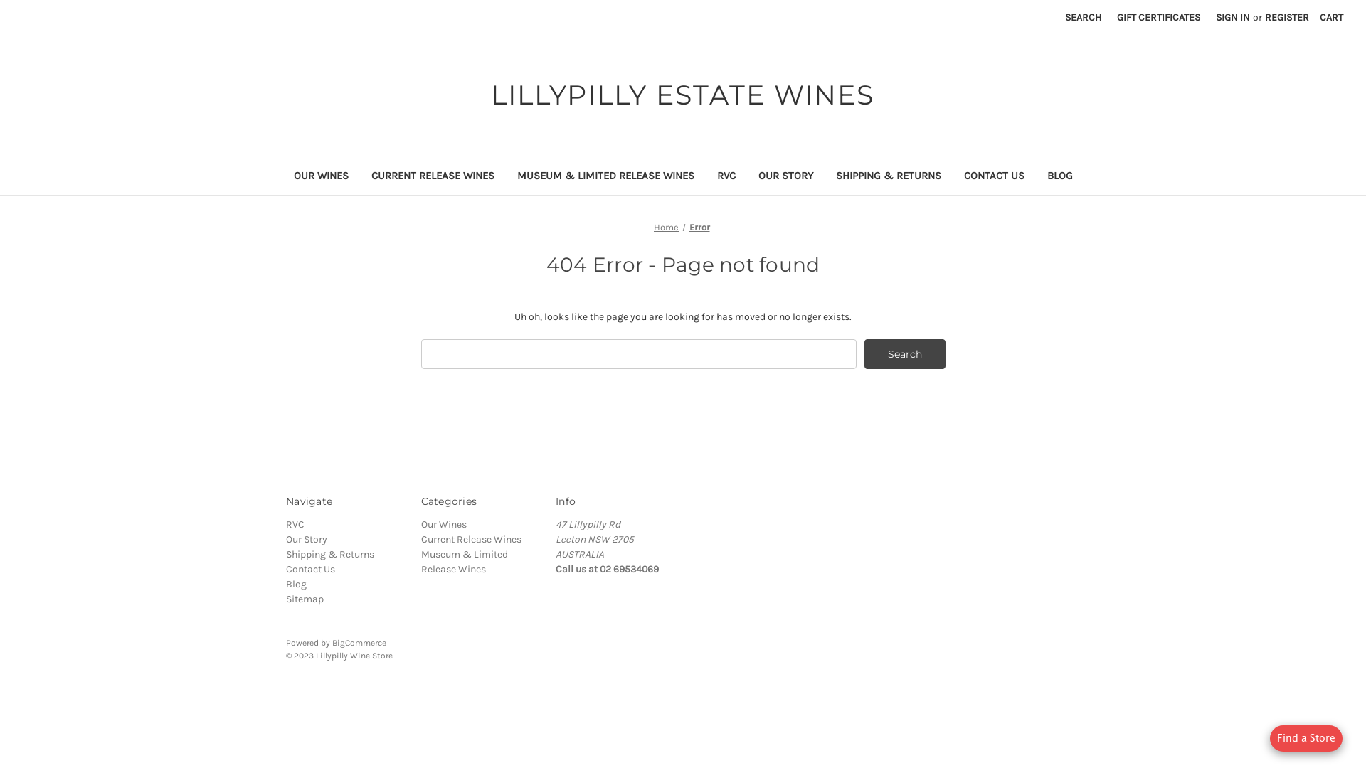 The image size is (1366, 768). I want to click on 'Error', so click(699, 226).